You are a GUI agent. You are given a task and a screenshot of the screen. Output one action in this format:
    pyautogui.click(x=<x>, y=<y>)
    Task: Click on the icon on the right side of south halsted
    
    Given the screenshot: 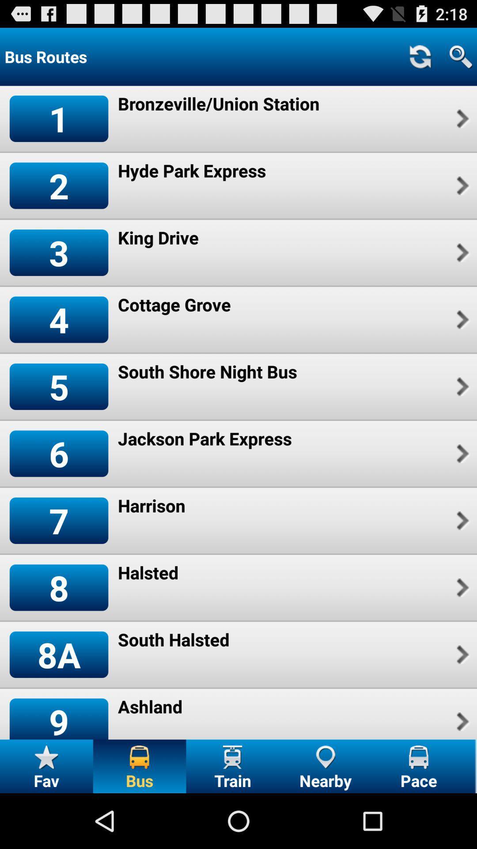 What is the action you would take?
    pyautogui.click(x=461, y=655)
    